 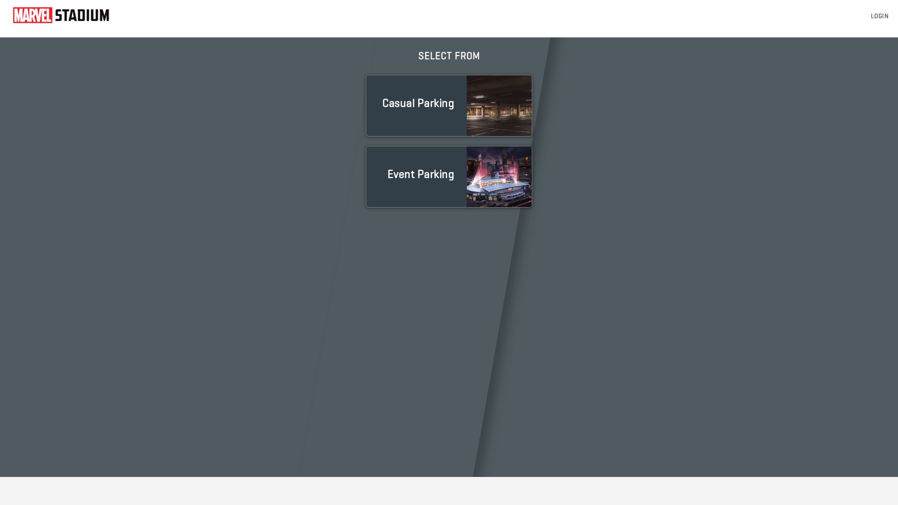 I want to click on 'LOGIN', so click(x=870, y=16).